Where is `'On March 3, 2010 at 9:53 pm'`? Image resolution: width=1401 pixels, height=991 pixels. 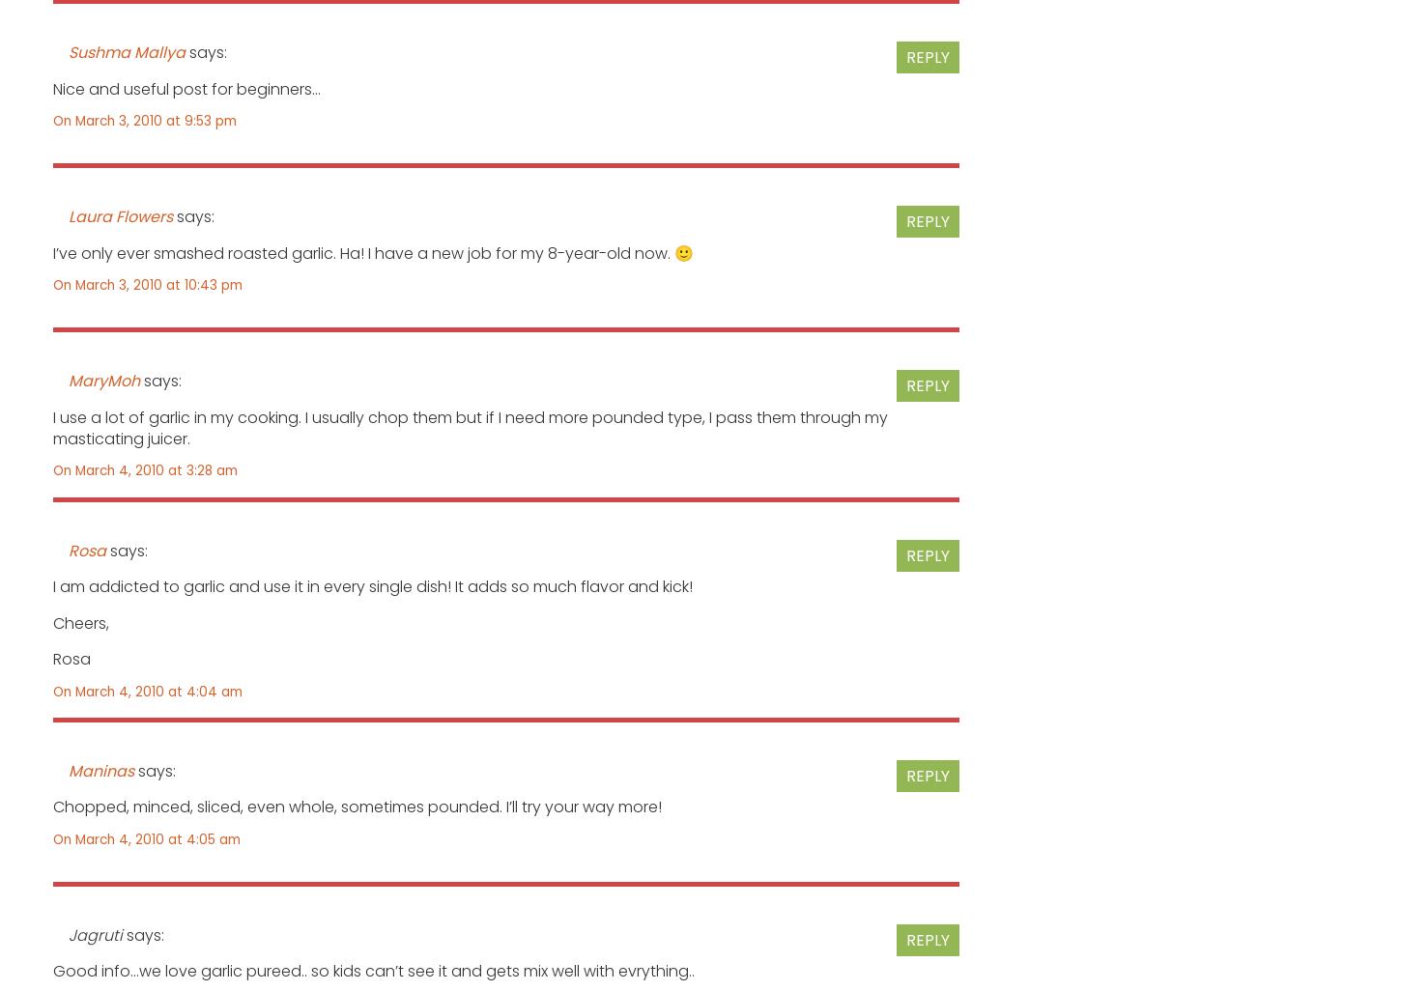 'On March 3, 2010 at 9:53 pm' is located at coordinates (143, 120).